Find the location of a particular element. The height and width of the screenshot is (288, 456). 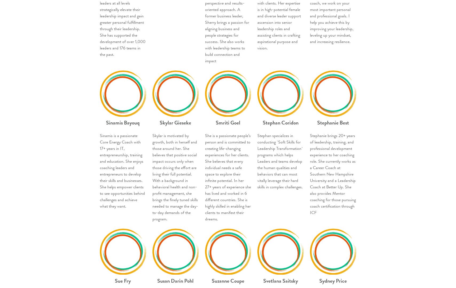

'Svetlana Saitsky' is located at coordinates (280, 281).